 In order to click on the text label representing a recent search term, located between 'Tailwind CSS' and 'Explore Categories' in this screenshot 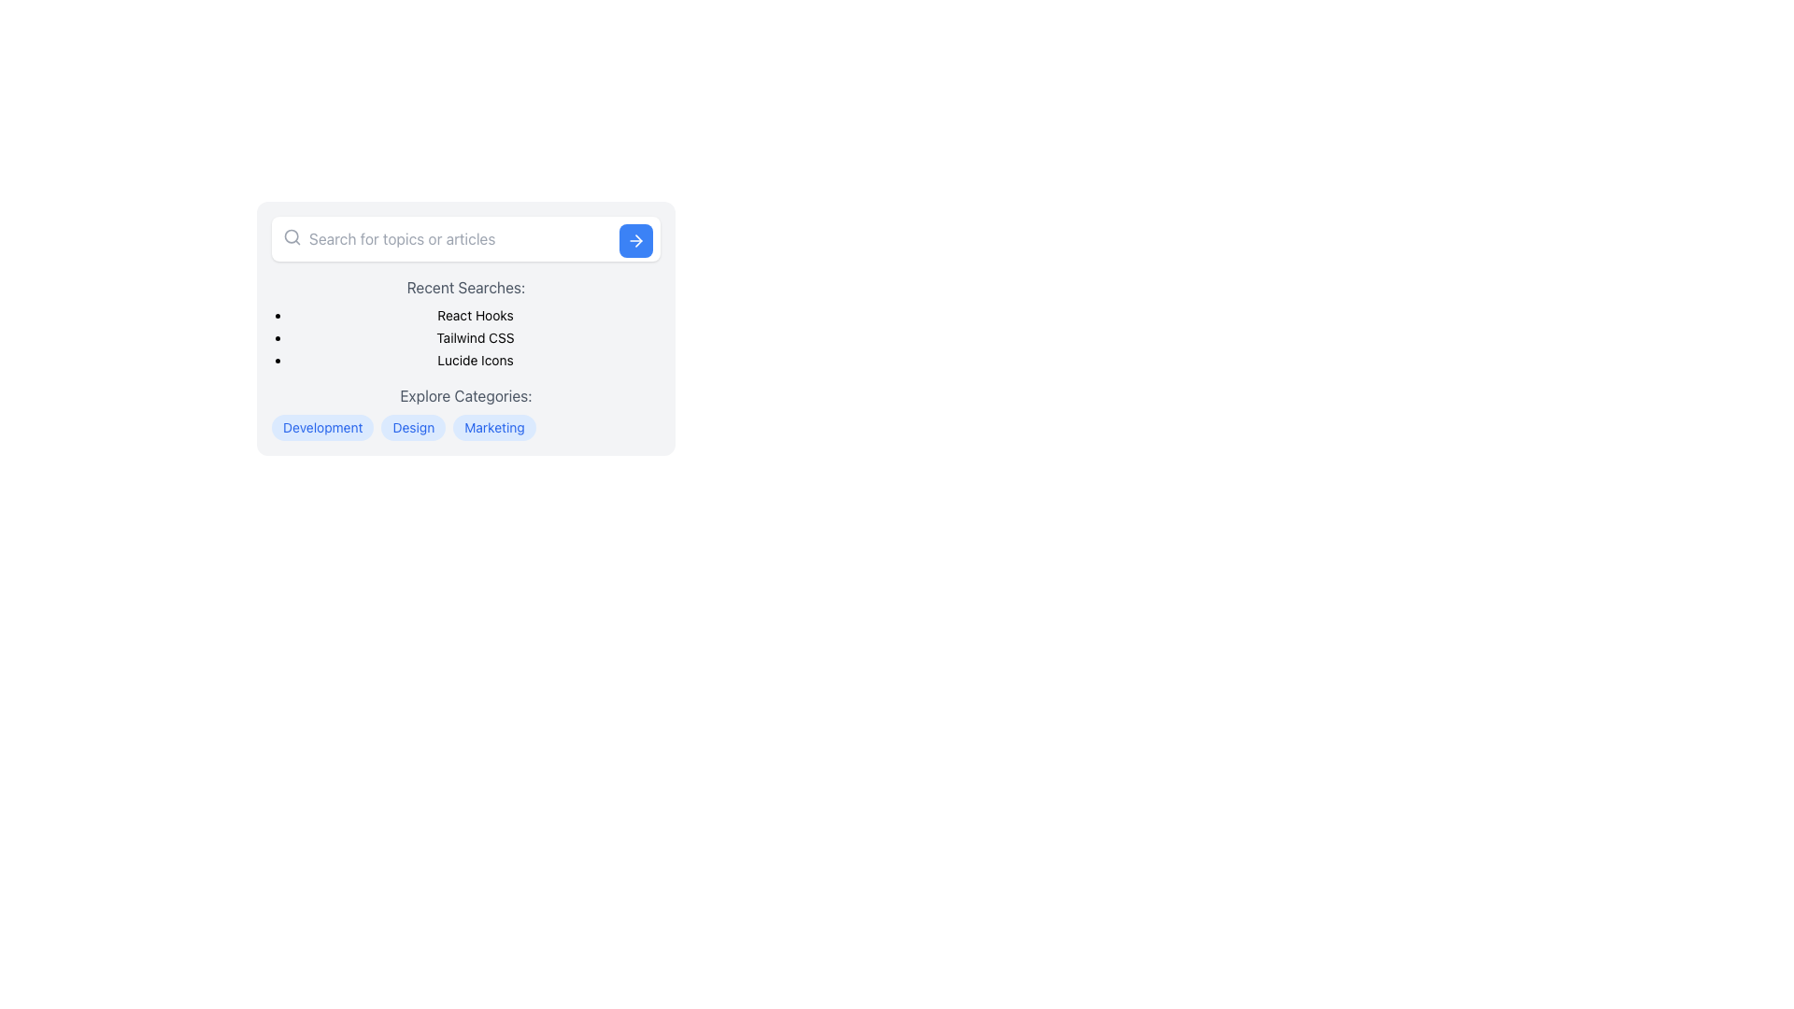, I will do `click(475, 360)`.